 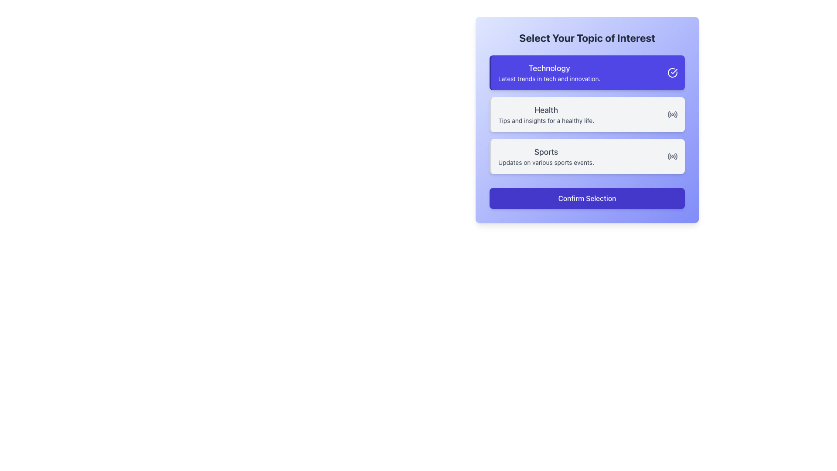 I want to click on the text label displaying 'Updates on various sports events.' located beneath the 'Sports' headline, so click(x=545, y=163).